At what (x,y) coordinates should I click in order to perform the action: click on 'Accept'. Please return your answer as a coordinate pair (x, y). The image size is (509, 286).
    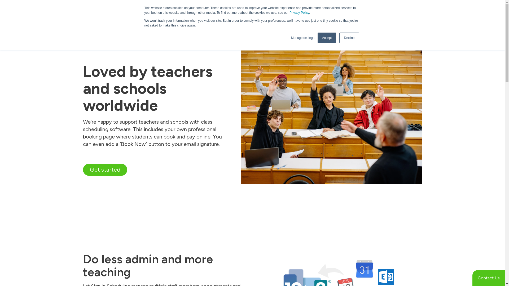
    Looking at the image, I should click on (318, 37).